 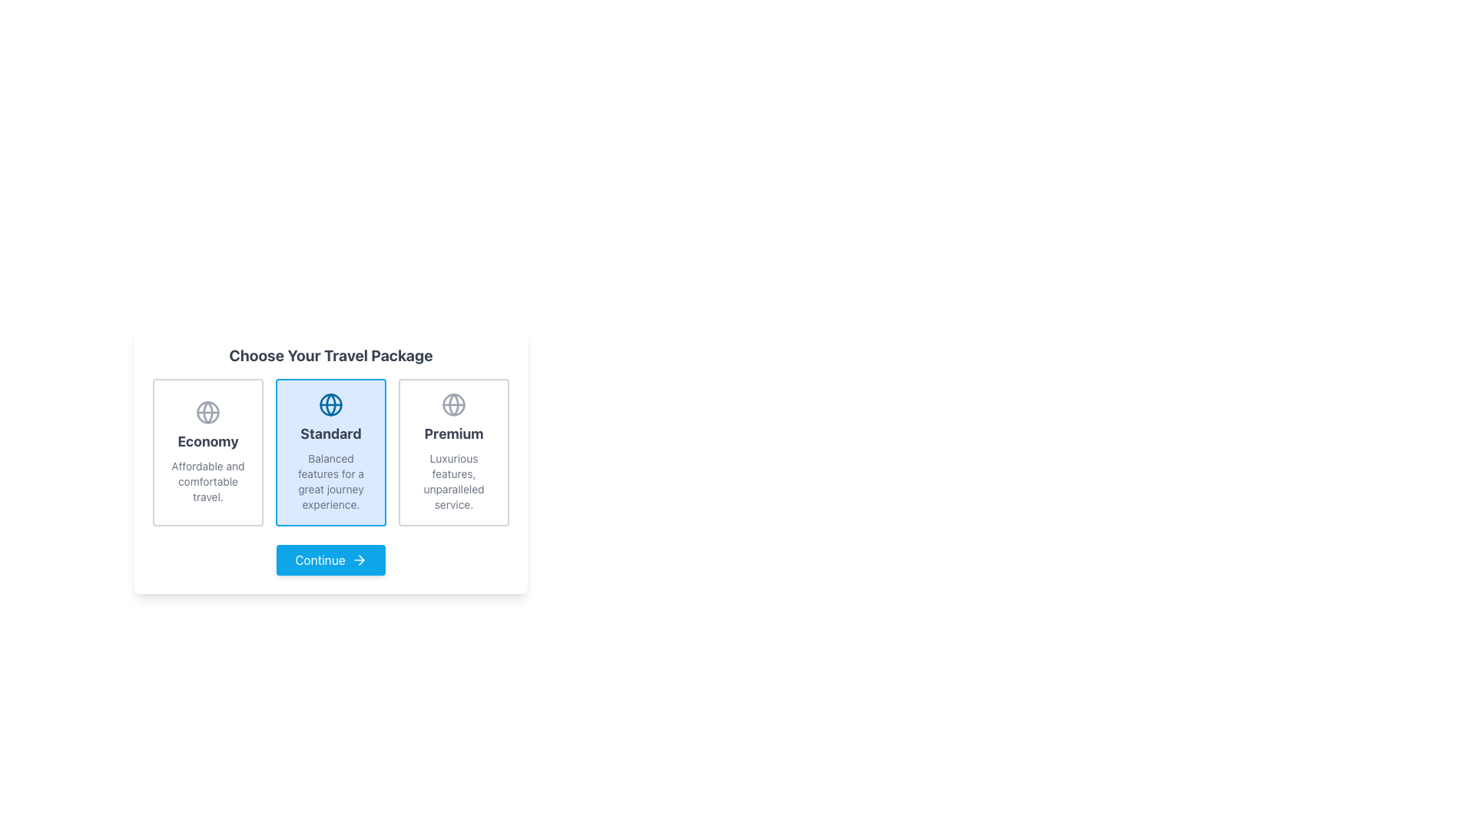 What do you see at coordinates (207, 411) in the screenshot?
I see `the globe icon located at the top of the 'Economy' card in the travel package selection interface, which is styled in a circular format with a gray stroke` at bounding box center [207, 411].